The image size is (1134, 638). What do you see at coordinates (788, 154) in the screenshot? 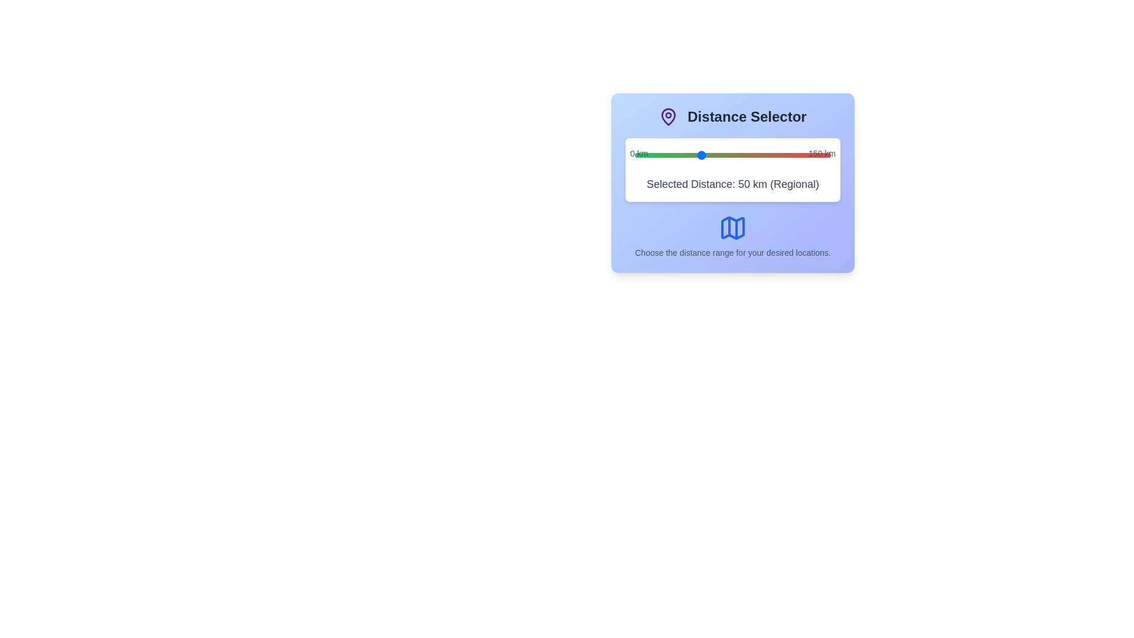
I see `the slider to set the distance to 117 km` at bounding box center [788, 154].